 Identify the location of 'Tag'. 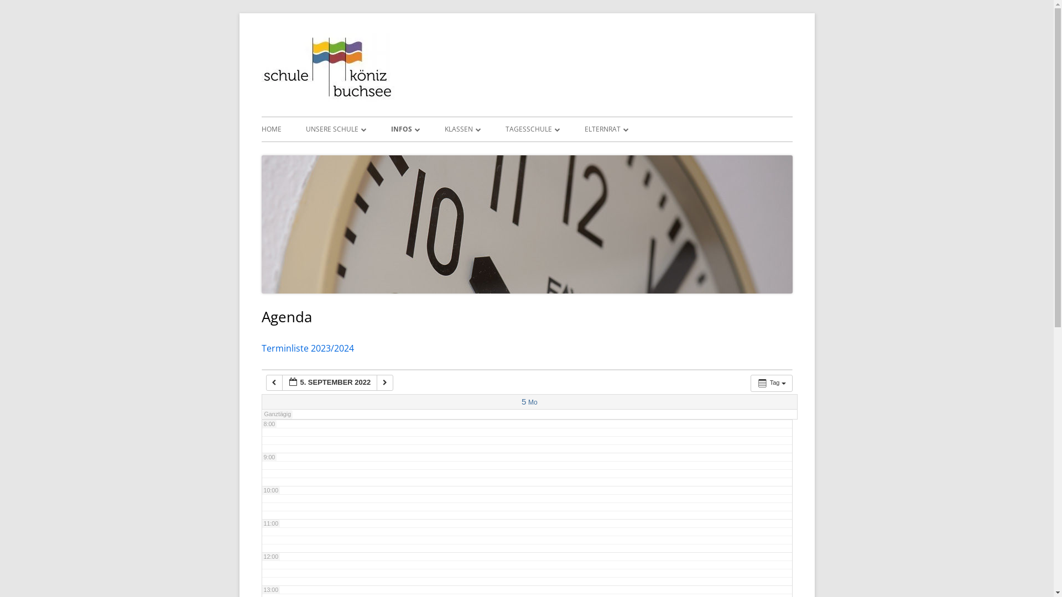
(751, 383).